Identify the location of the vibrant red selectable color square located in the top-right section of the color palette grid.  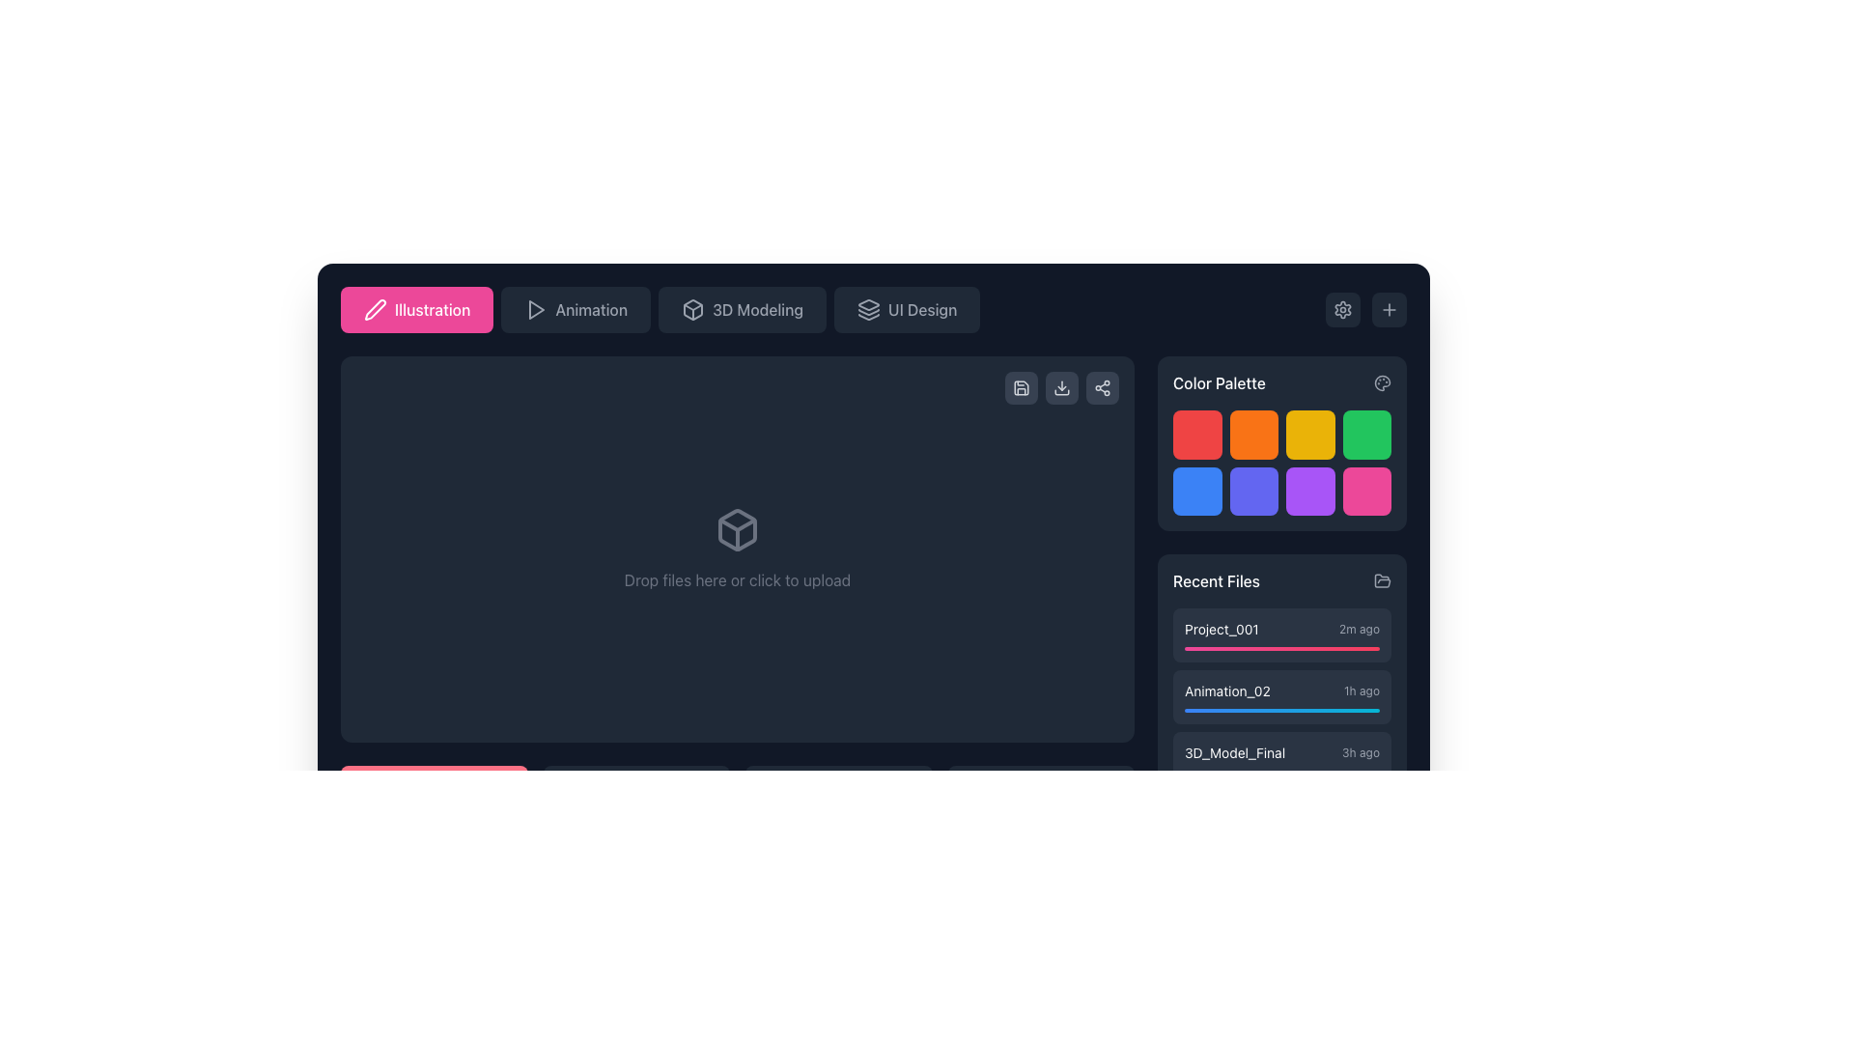
(1195, 435).